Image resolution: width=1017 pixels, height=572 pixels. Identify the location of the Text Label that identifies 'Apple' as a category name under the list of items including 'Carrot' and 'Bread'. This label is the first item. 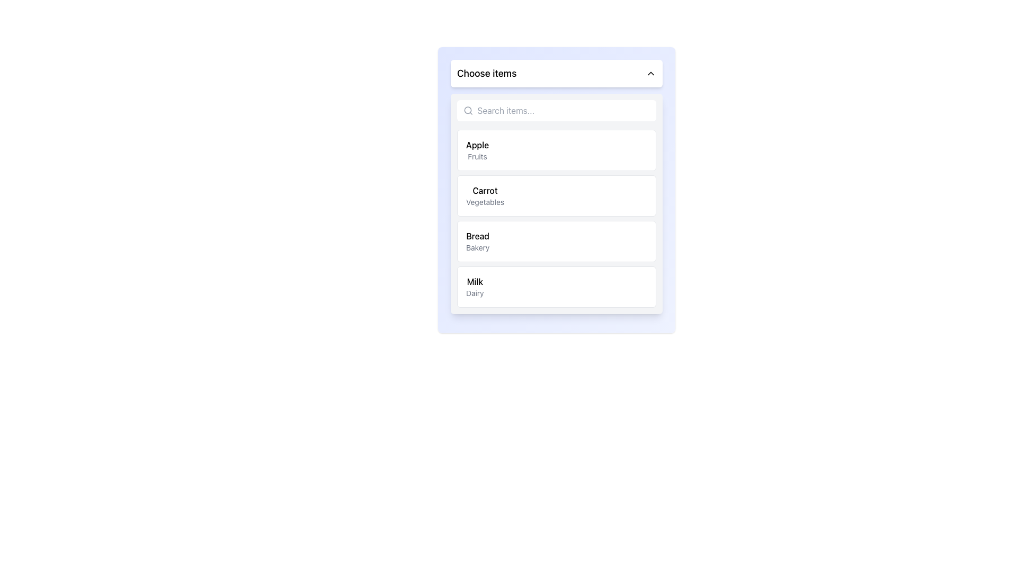
(477, 150).